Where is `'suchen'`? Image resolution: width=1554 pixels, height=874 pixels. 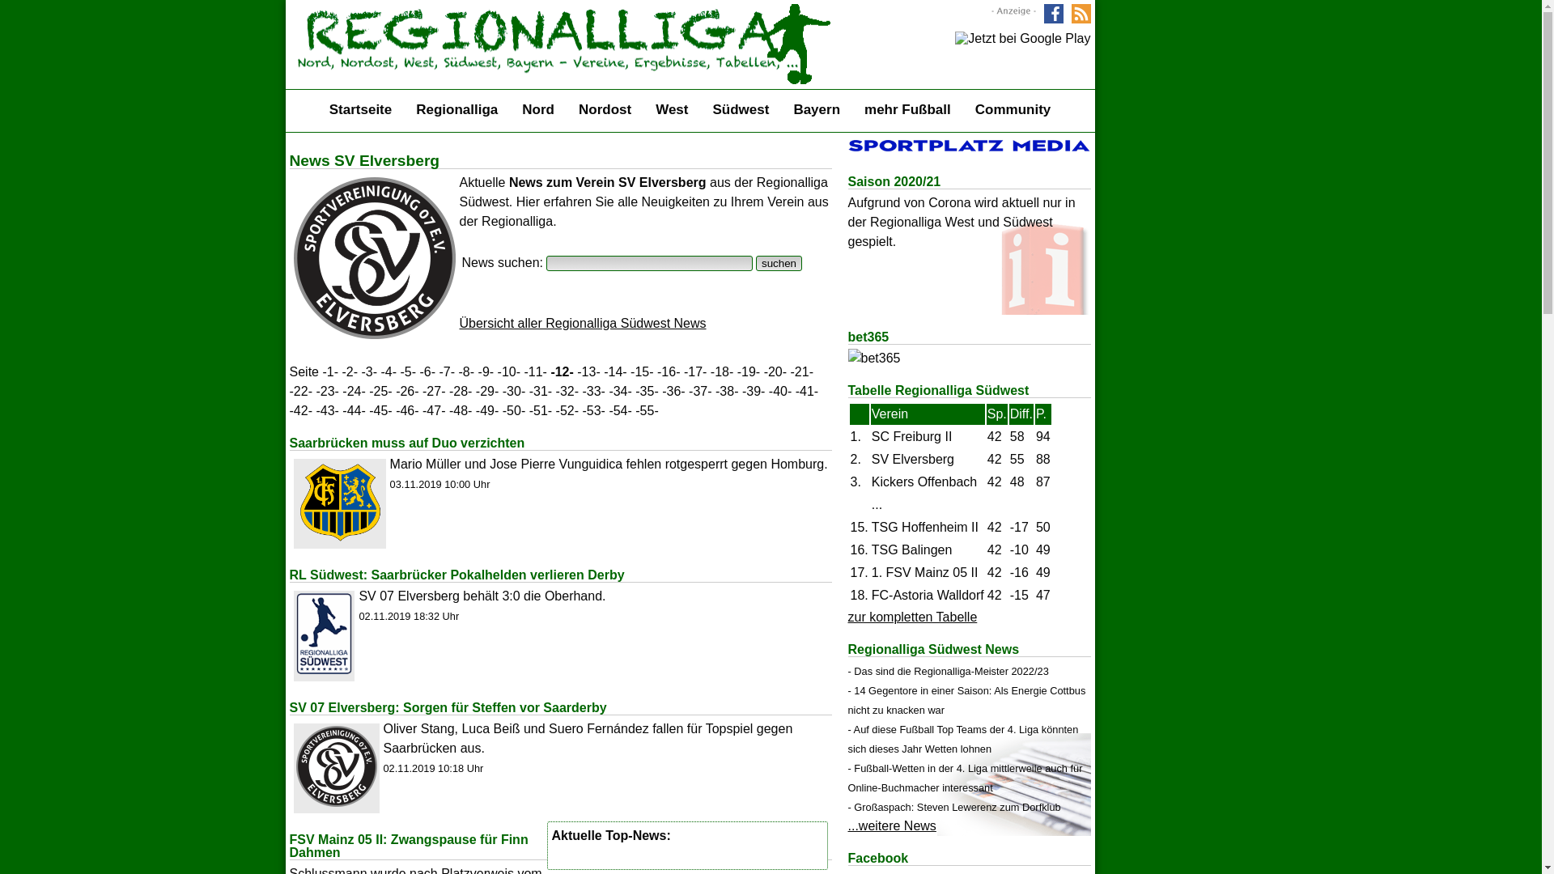 'suchen' is located at coordinates (779, 262).